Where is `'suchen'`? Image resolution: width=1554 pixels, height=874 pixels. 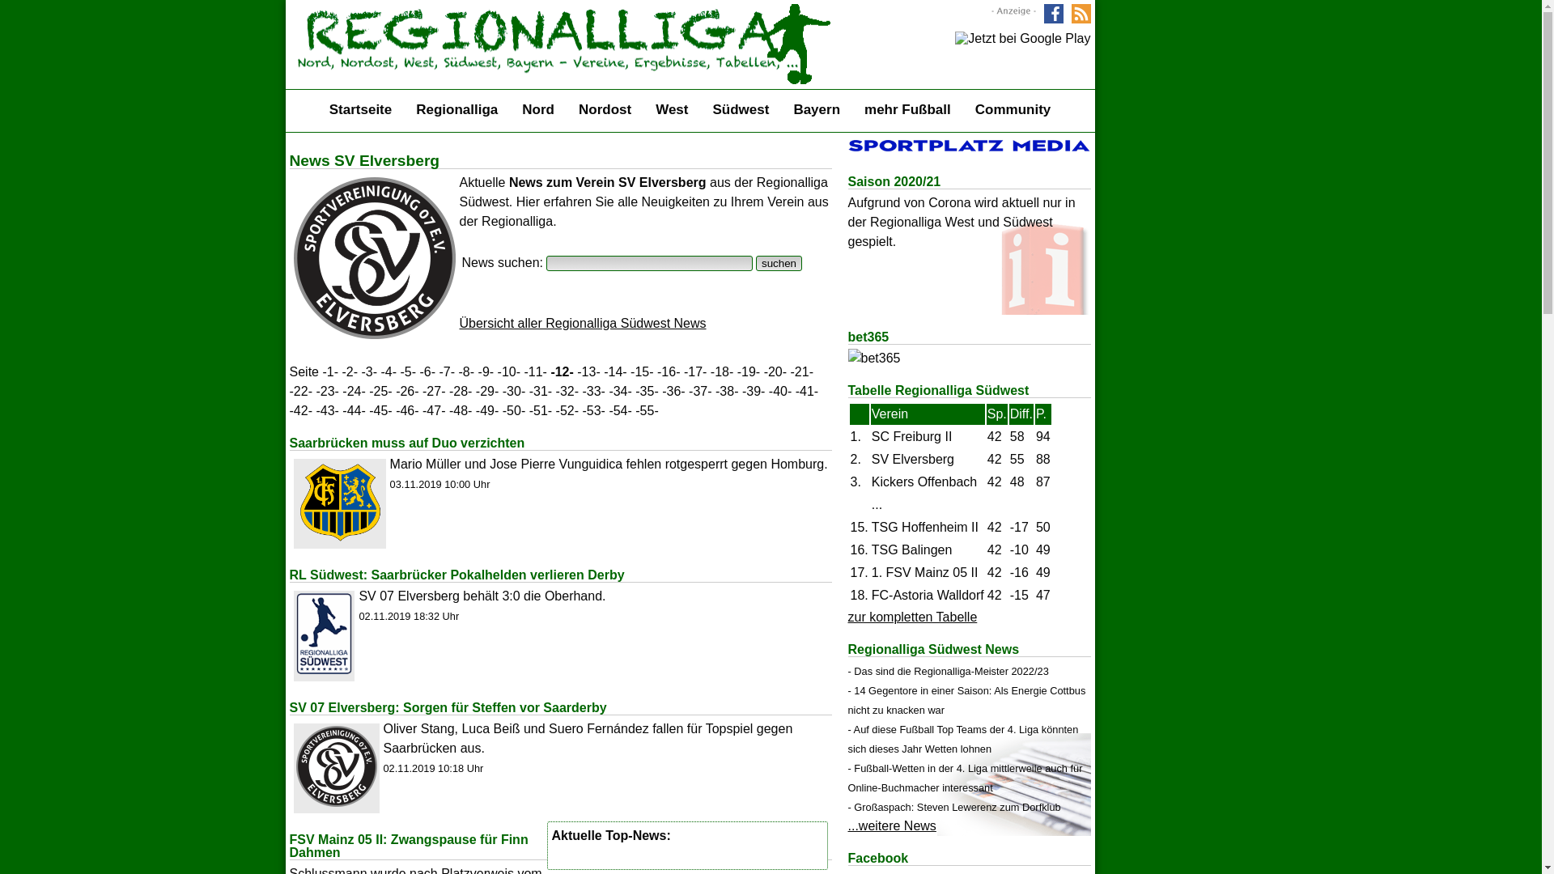 'suchen' is located at coordinates (779, 262).